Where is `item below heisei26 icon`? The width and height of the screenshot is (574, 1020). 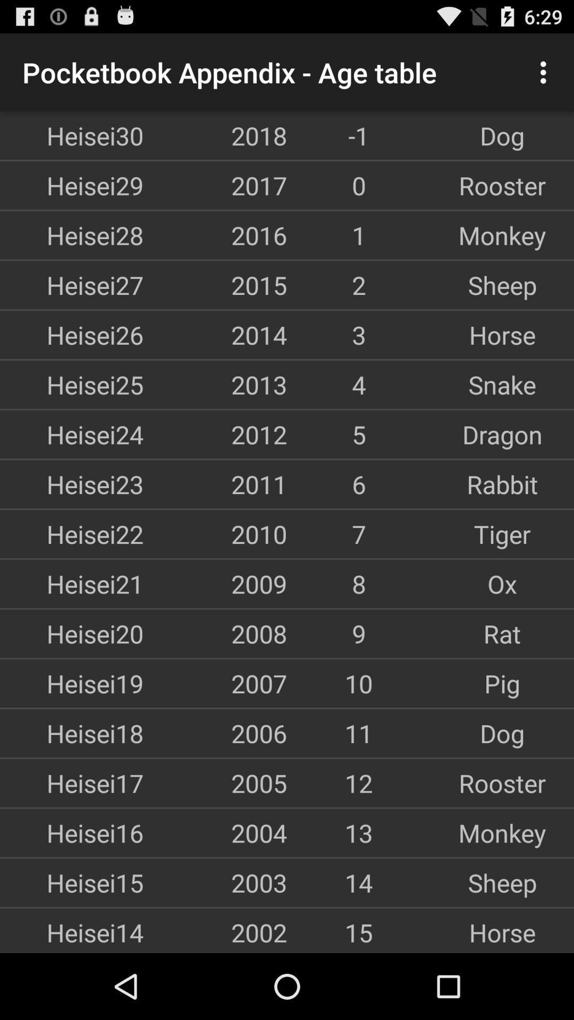
item below heisei26 icon is located at coordinates (72, 384).